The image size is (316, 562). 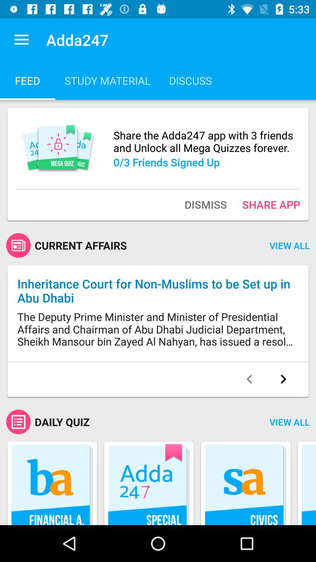 What do you see at coordinates (283, 379) in the screenshot?
I see `advance page` at bounding box center [283, 379].